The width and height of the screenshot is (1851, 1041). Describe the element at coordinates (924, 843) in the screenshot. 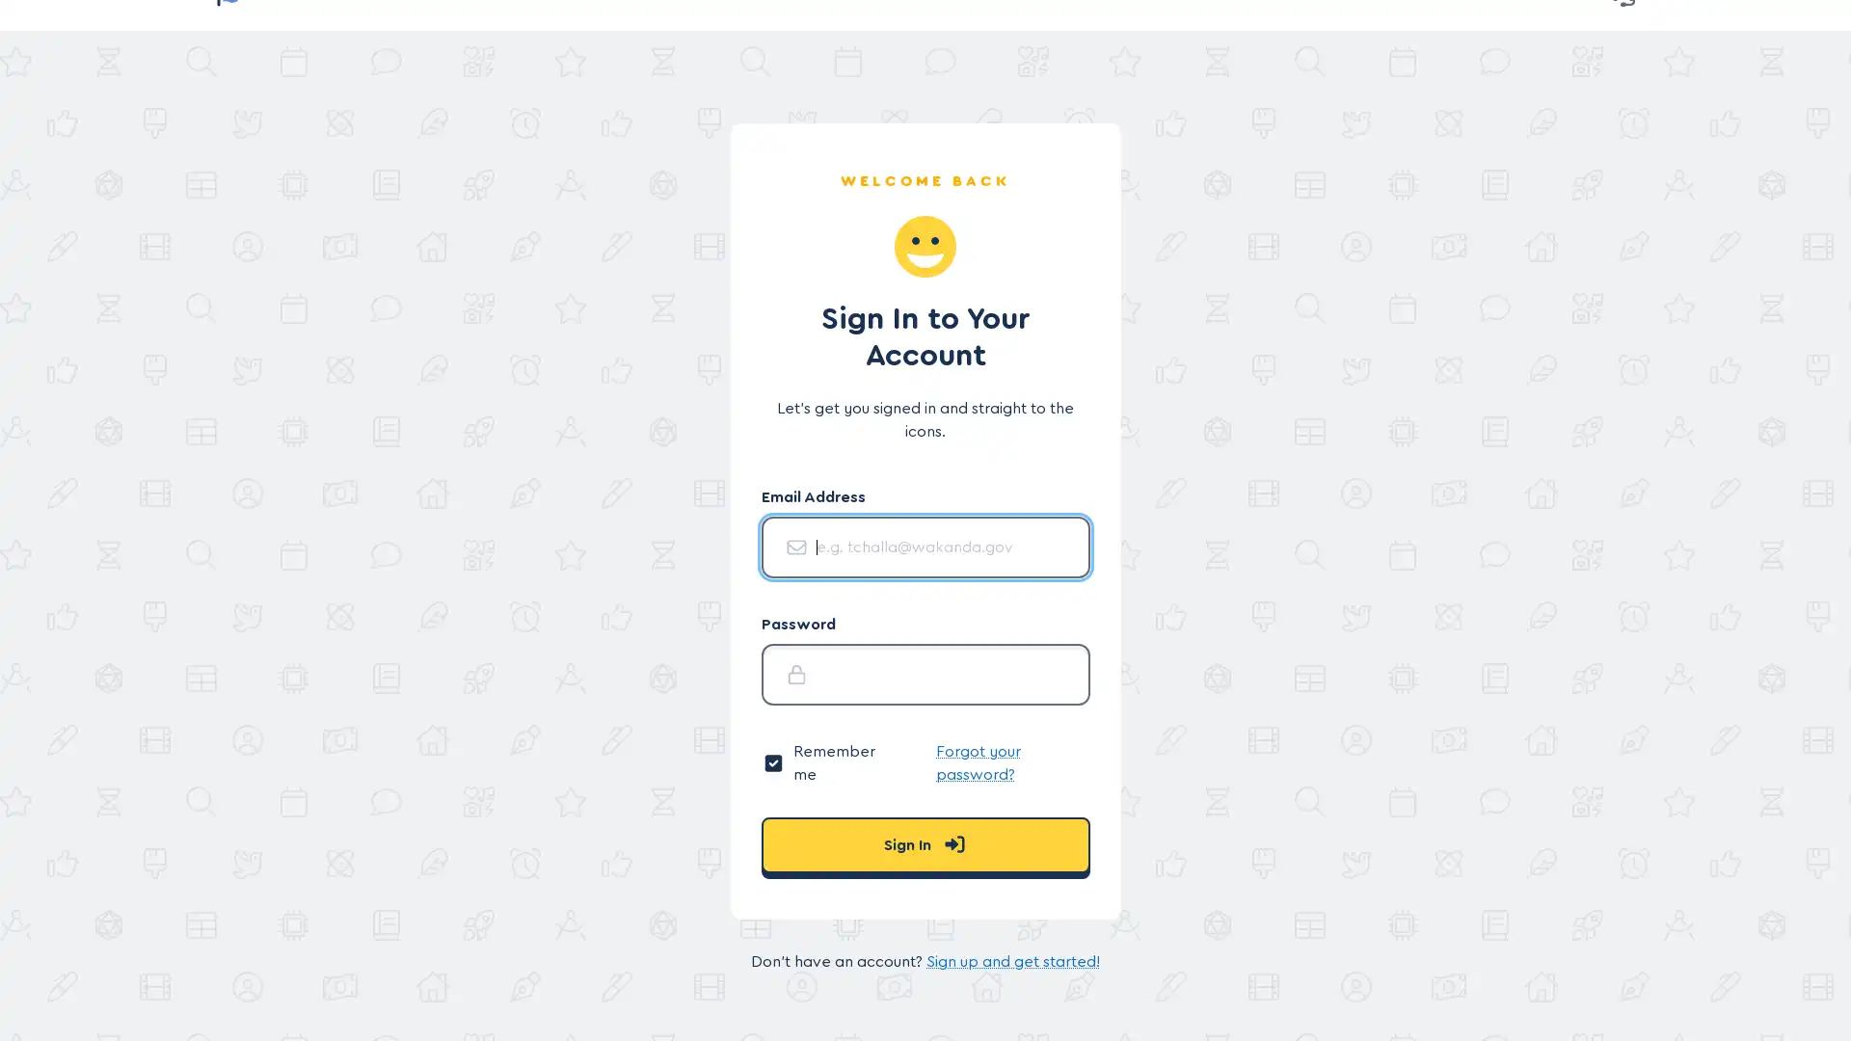

I see `Sign In` at that location.